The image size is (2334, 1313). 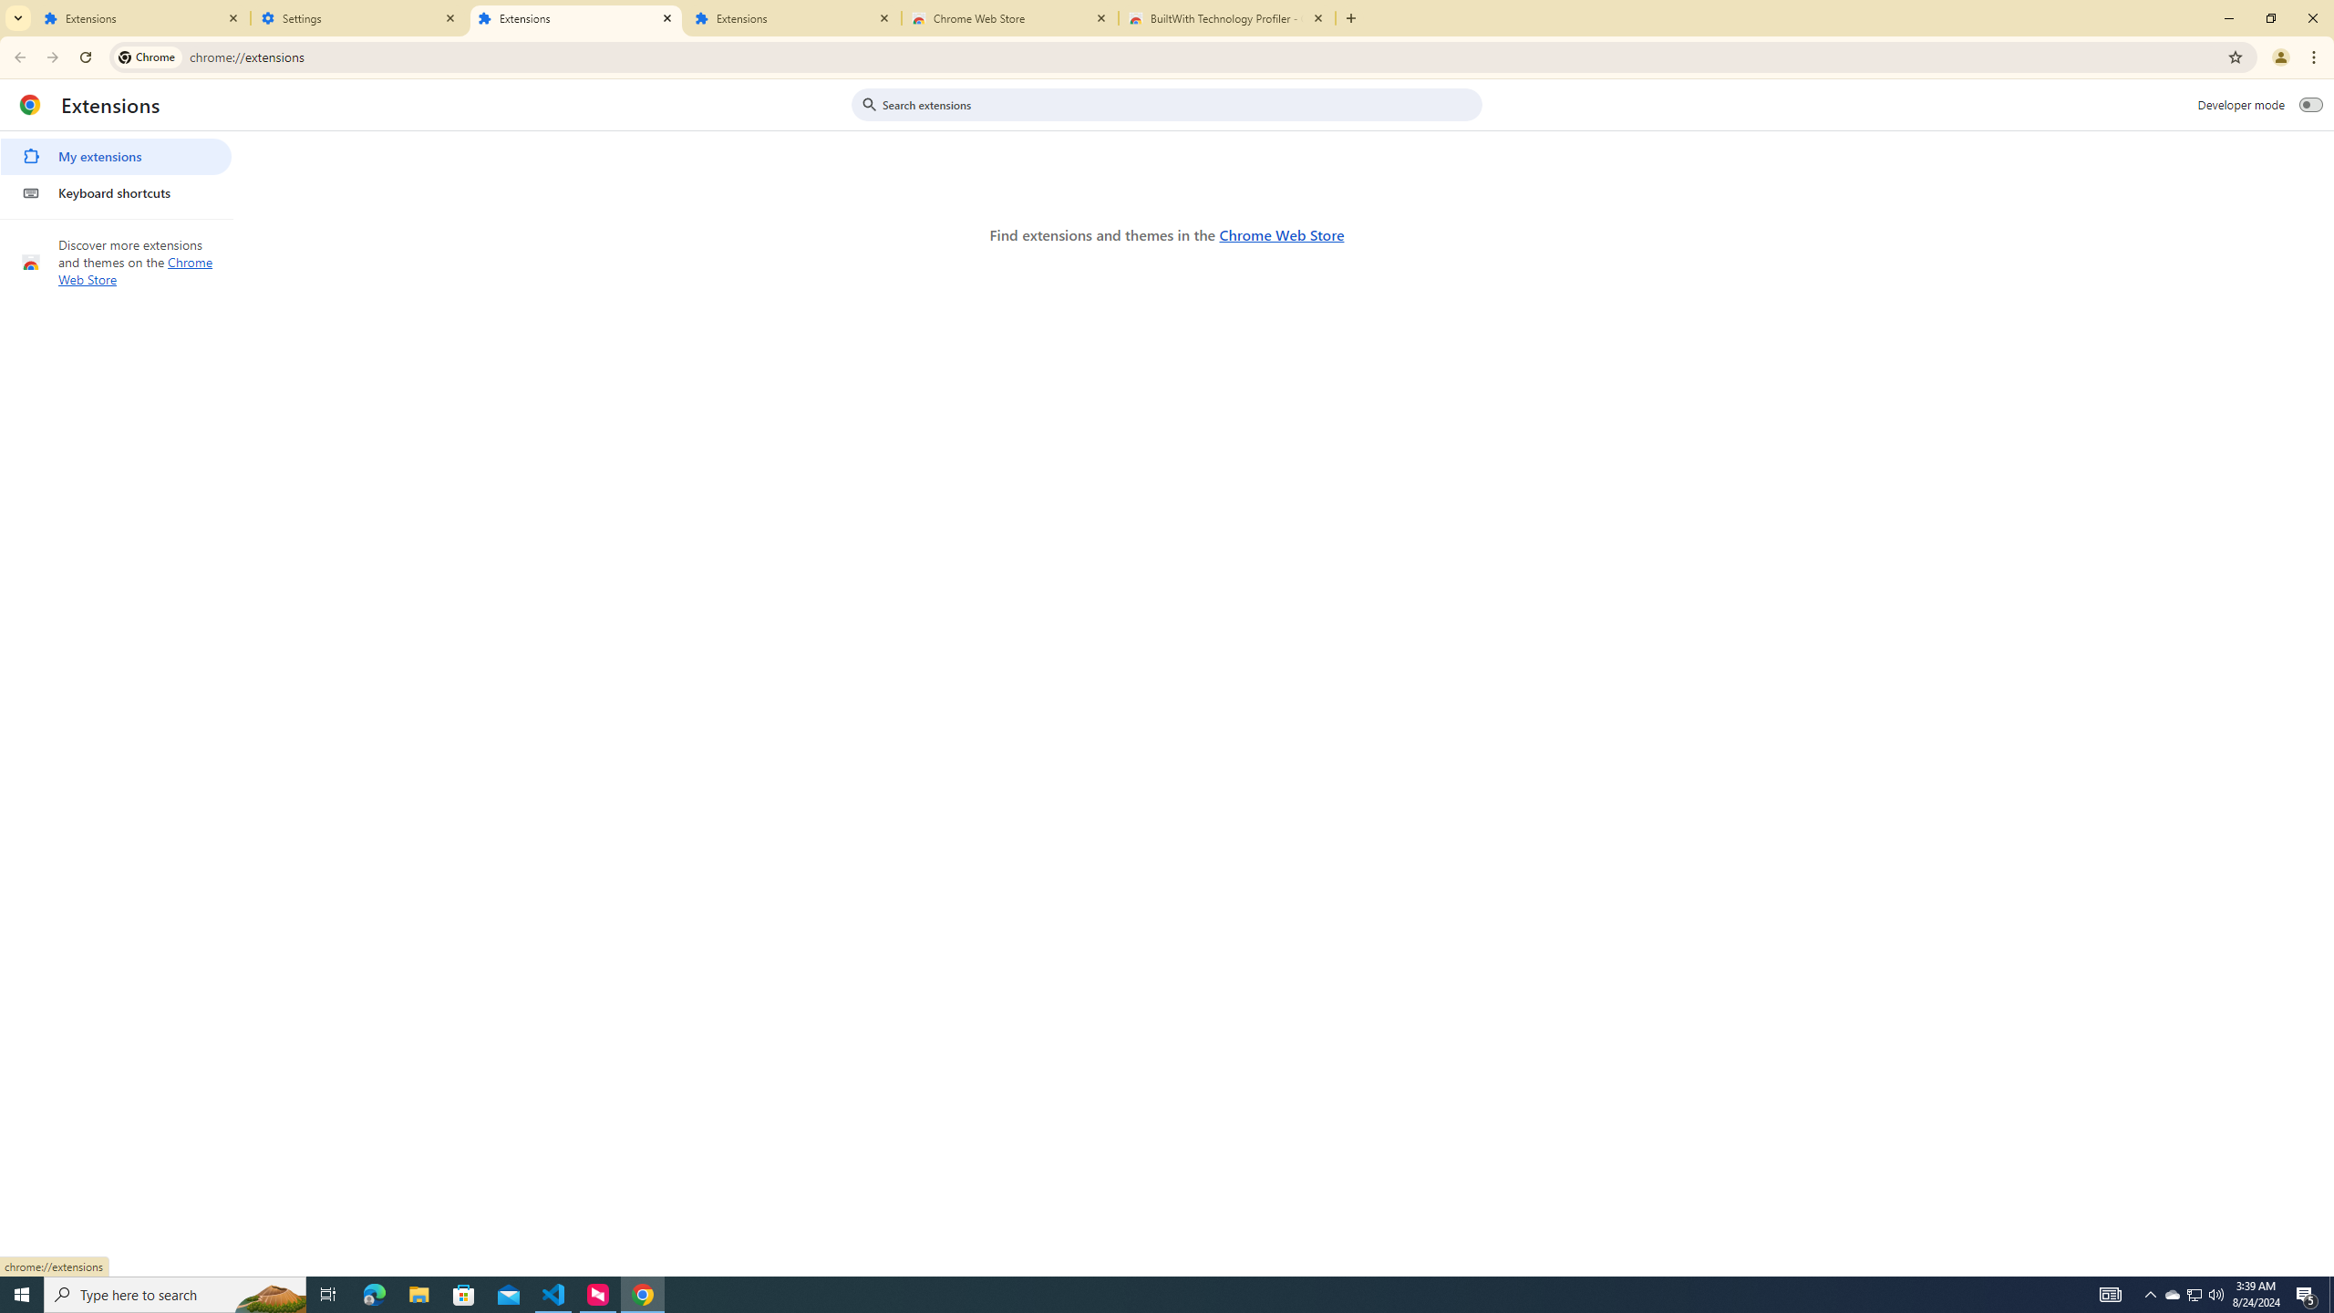 I want to click on 'Extensions', so click(x=575, y=17).